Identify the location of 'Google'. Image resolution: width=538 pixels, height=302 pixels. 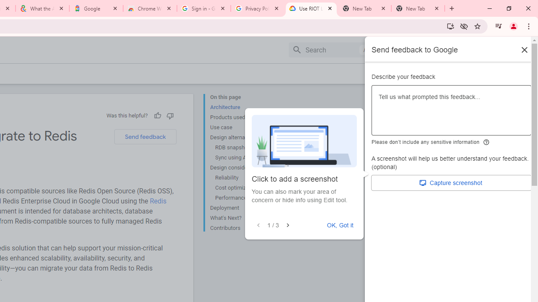
(96, 8).